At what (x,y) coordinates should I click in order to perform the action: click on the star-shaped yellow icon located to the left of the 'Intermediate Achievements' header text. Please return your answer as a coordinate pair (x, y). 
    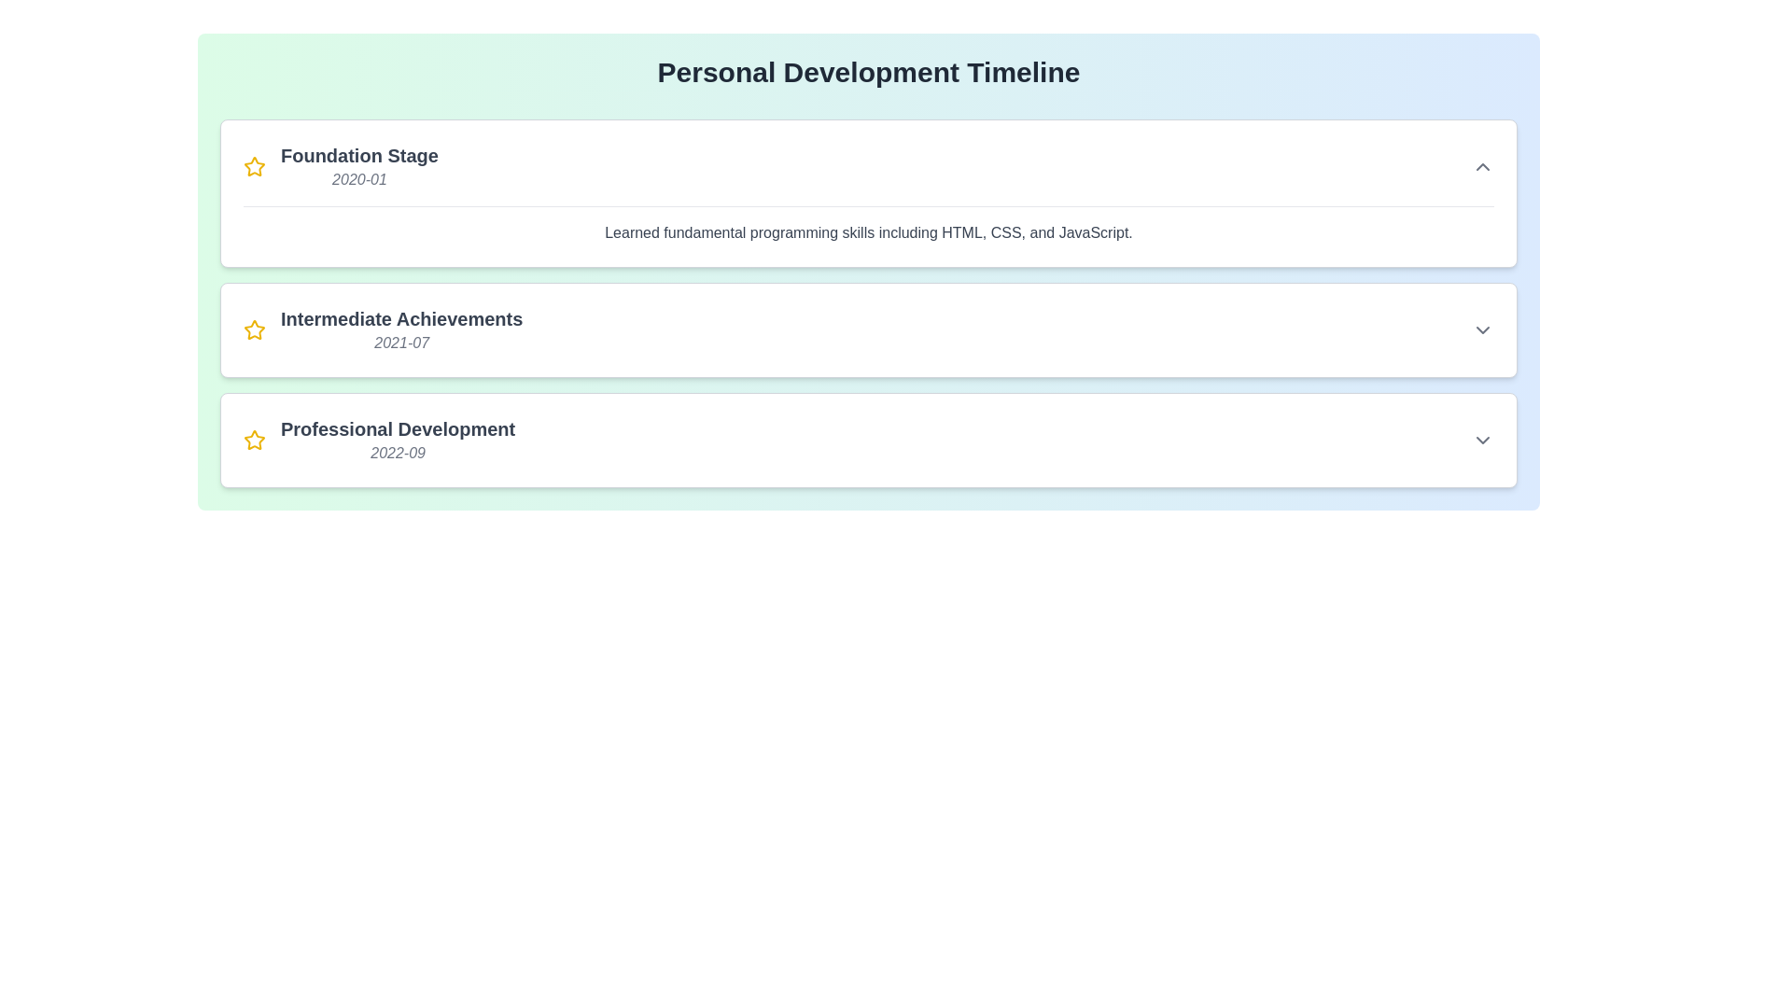
    Looking at the image, I should click on (254, 329).